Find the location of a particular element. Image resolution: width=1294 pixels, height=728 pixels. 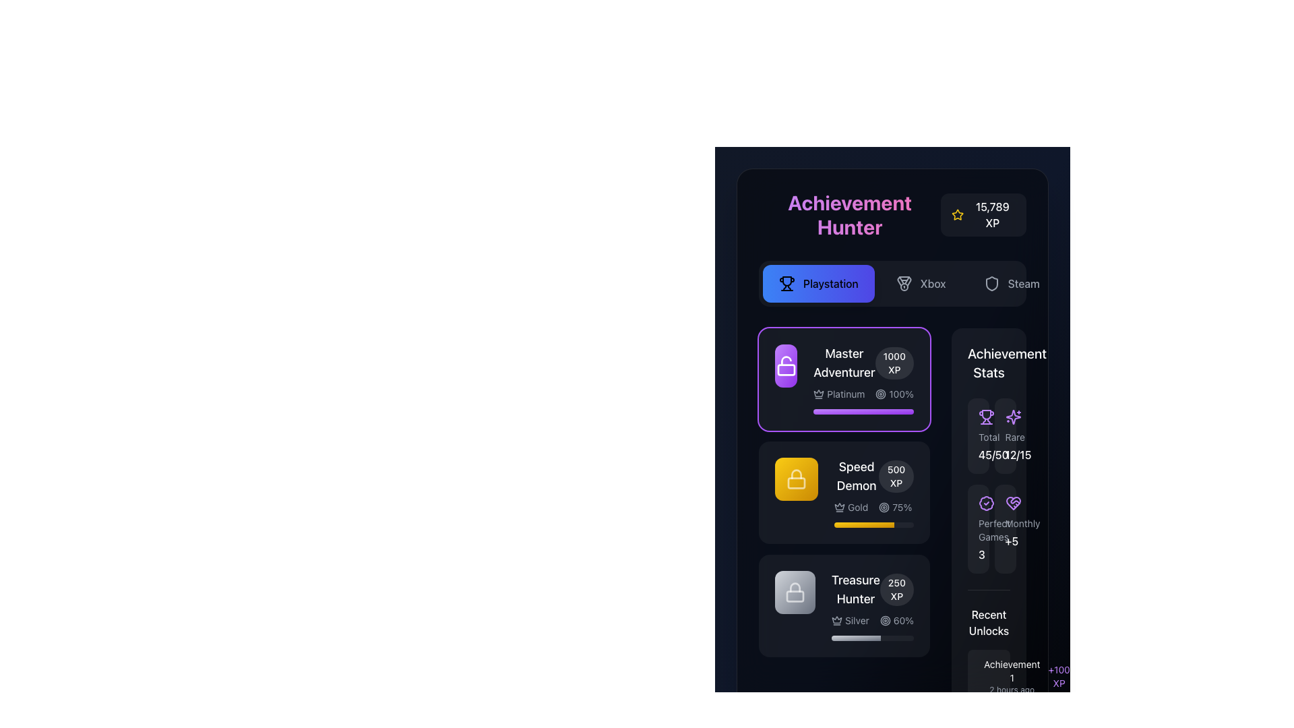

displayed value of the text element showing '100%' next to the target icon at the bottom right corner of the 'Master Adventurer' card is located at coordinates (894, 394).